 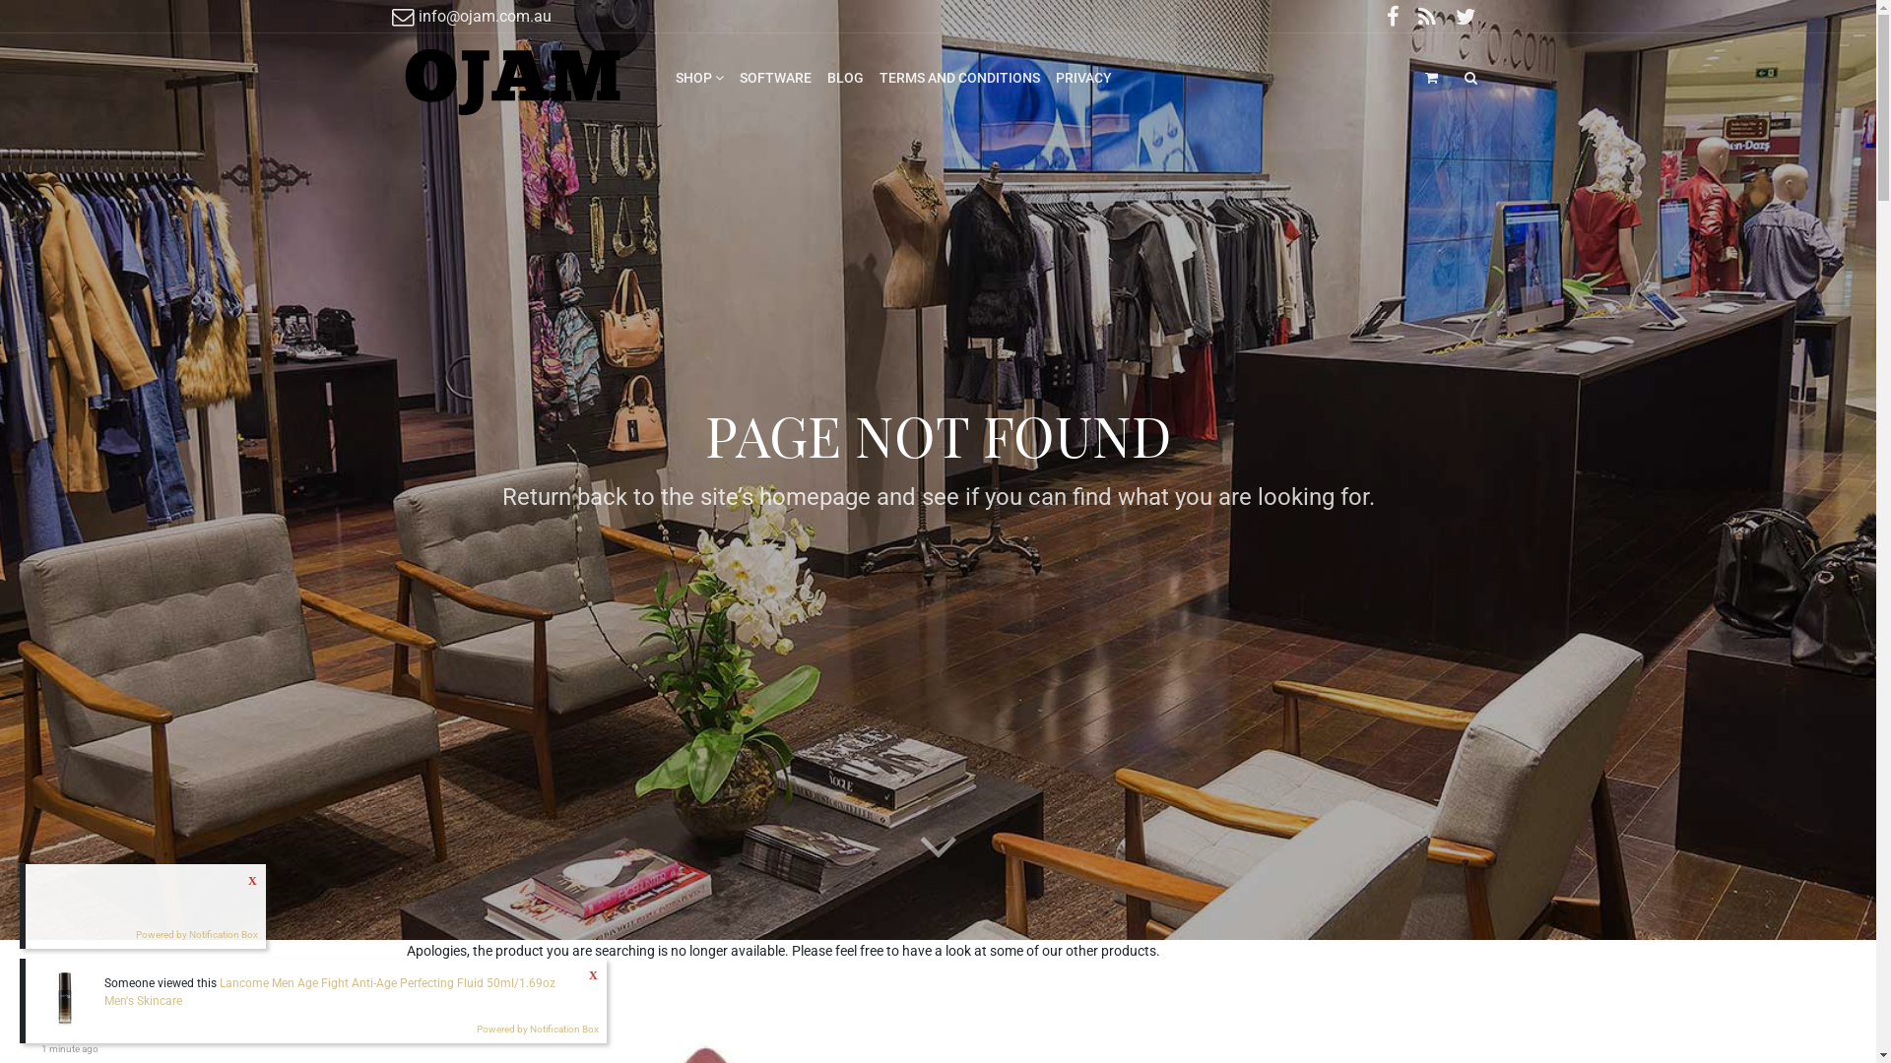 What do you see at coordinates (731, 76) in the screenshot?
I see `'SOFTWARE'` at bounding box center [731, 76].